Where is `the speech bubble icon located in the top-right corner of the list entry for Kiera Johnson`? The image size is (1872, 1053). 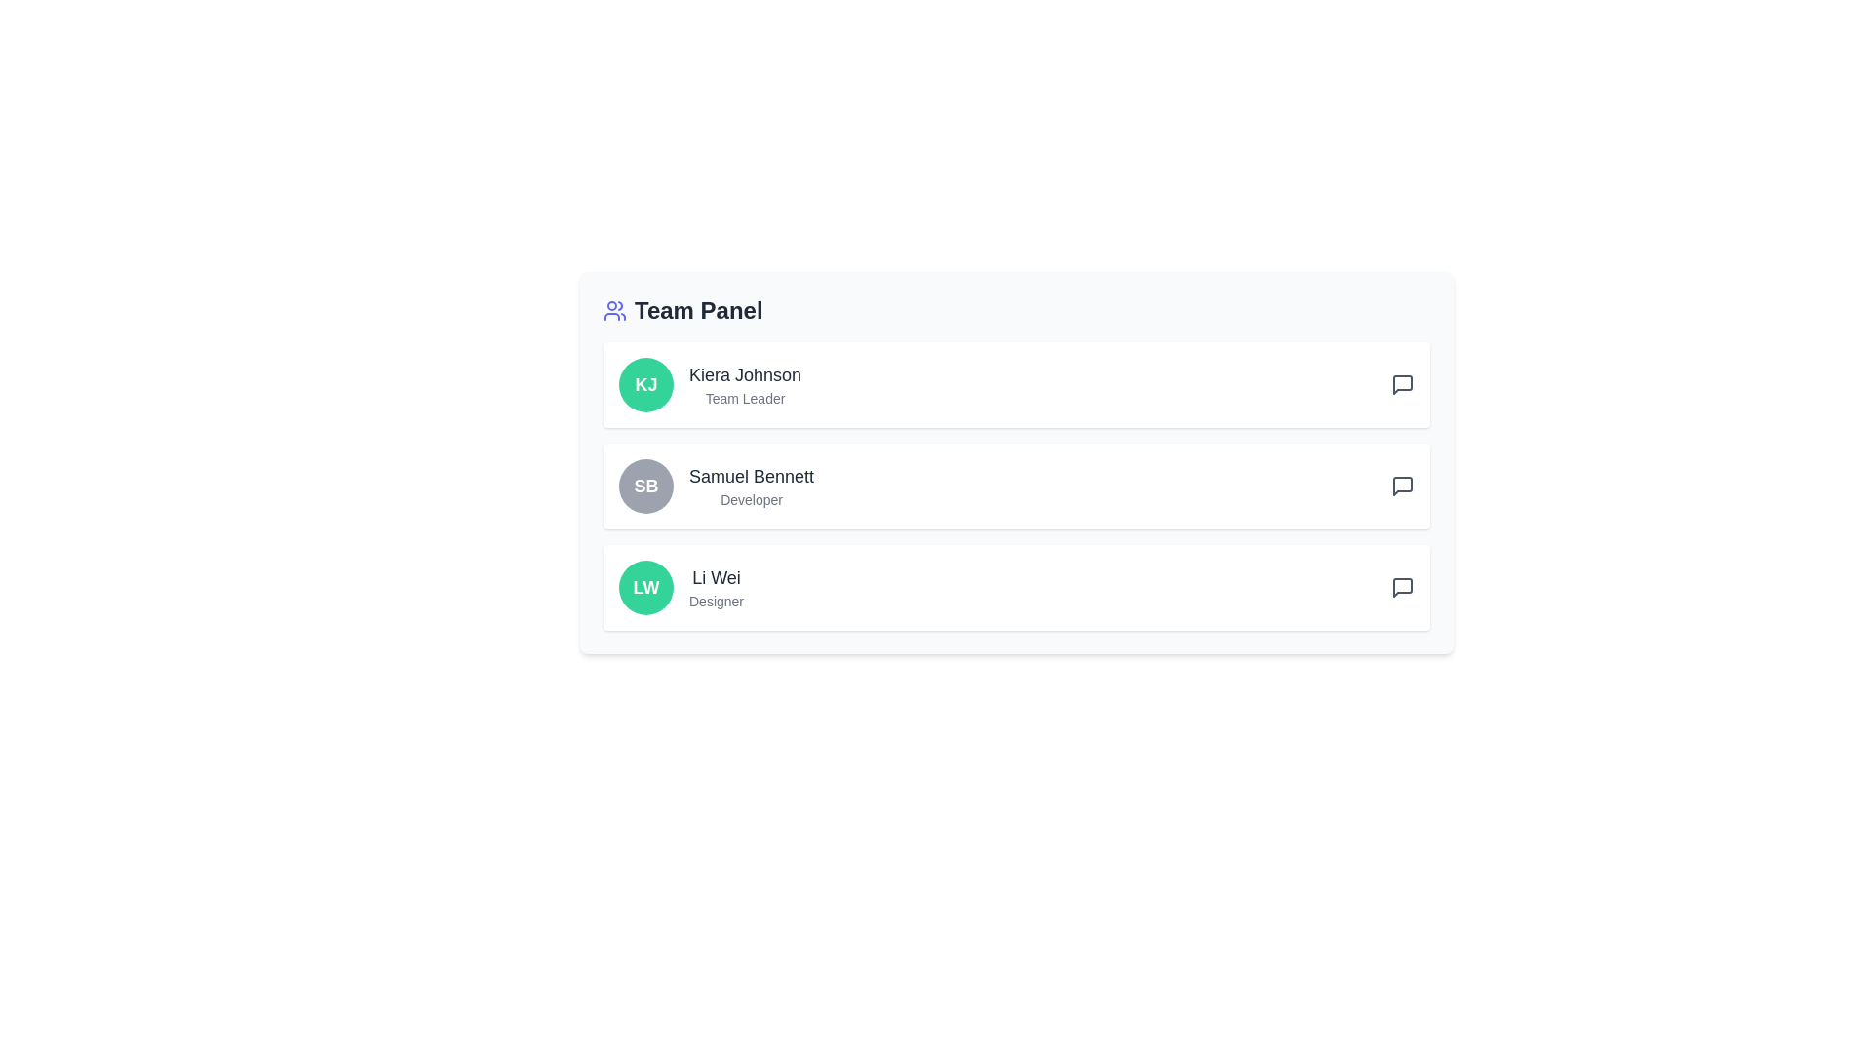 the speech bubble icon located in the top-right corner of the list entry for Kiera Johnson is located at coordinates (1402, 384).